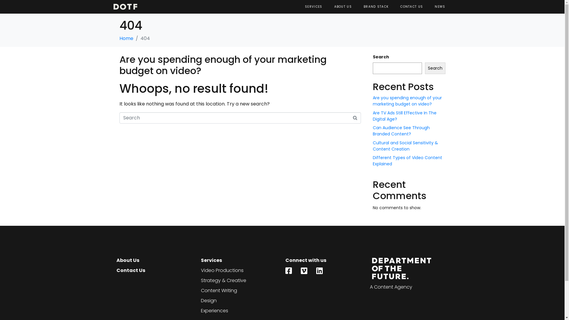 The width and height of the screenshot is (569, 320). What do you see at coordinates (343, 7) in the screenshot?
I see `'ABOUT US'` at bounding box center [343, 7].